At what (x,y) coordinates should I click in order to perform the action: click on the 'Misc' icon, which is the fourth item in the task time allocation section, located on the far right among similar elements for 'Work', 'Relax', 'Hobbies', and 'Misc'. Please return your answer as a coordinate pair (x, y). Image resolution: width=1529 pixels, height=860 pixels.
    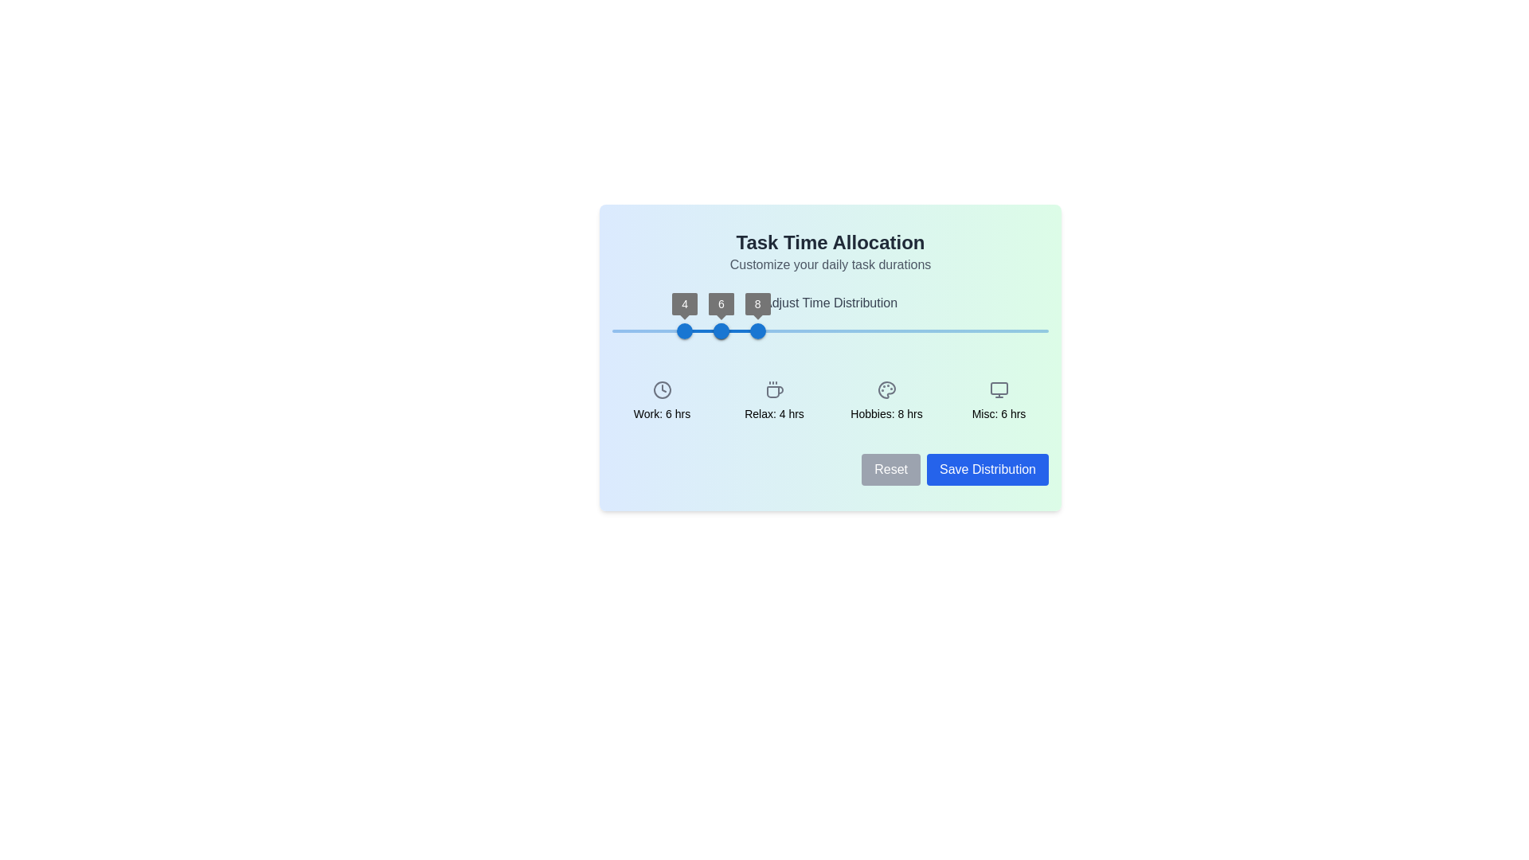
    Looking at the image, I should click on (998, 389).